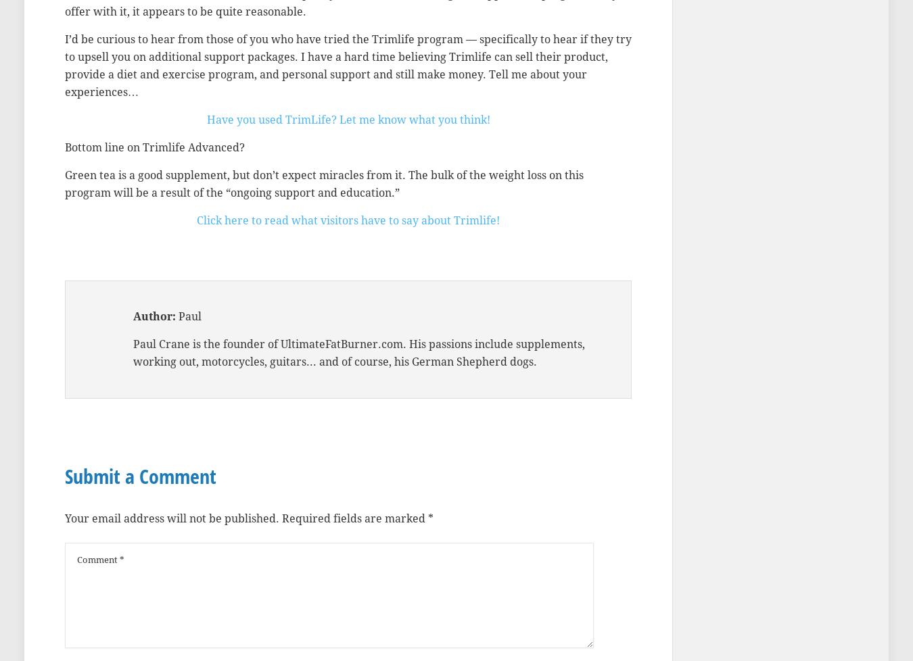 The width and height of the screenshot is (913, 661). Describe the element at coordinates (323, 183) in the screenshot. I see `'Green tea is a good supplement, but don’t expect miracles from it. The bulk of the weight loss on this program will be a result of the “ongoing support and education.”'` at that location.